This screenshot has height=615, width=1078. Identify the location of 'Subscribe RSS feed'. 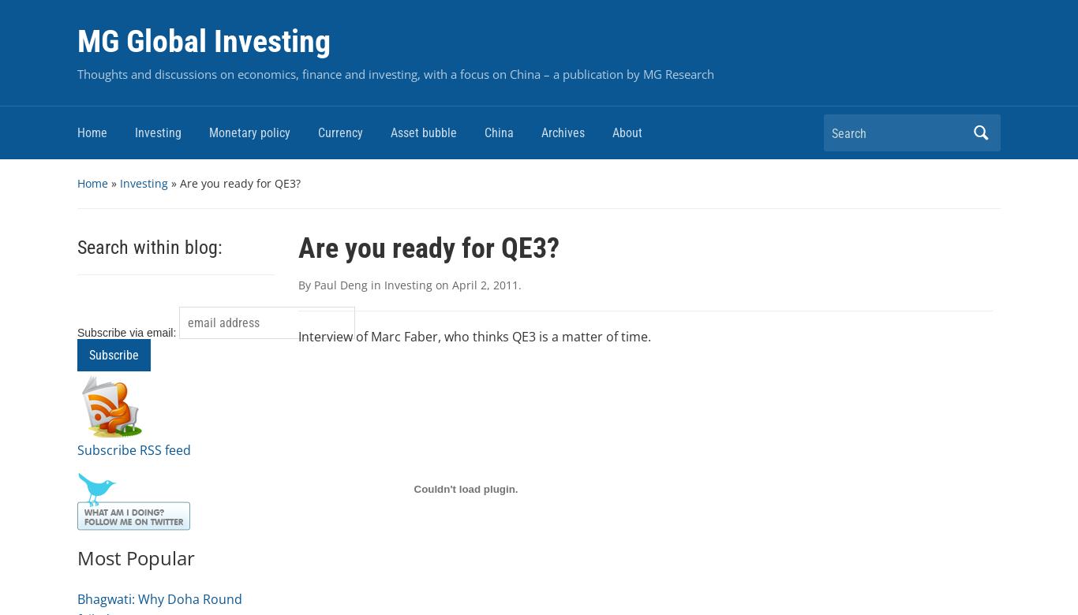
(77, 449).